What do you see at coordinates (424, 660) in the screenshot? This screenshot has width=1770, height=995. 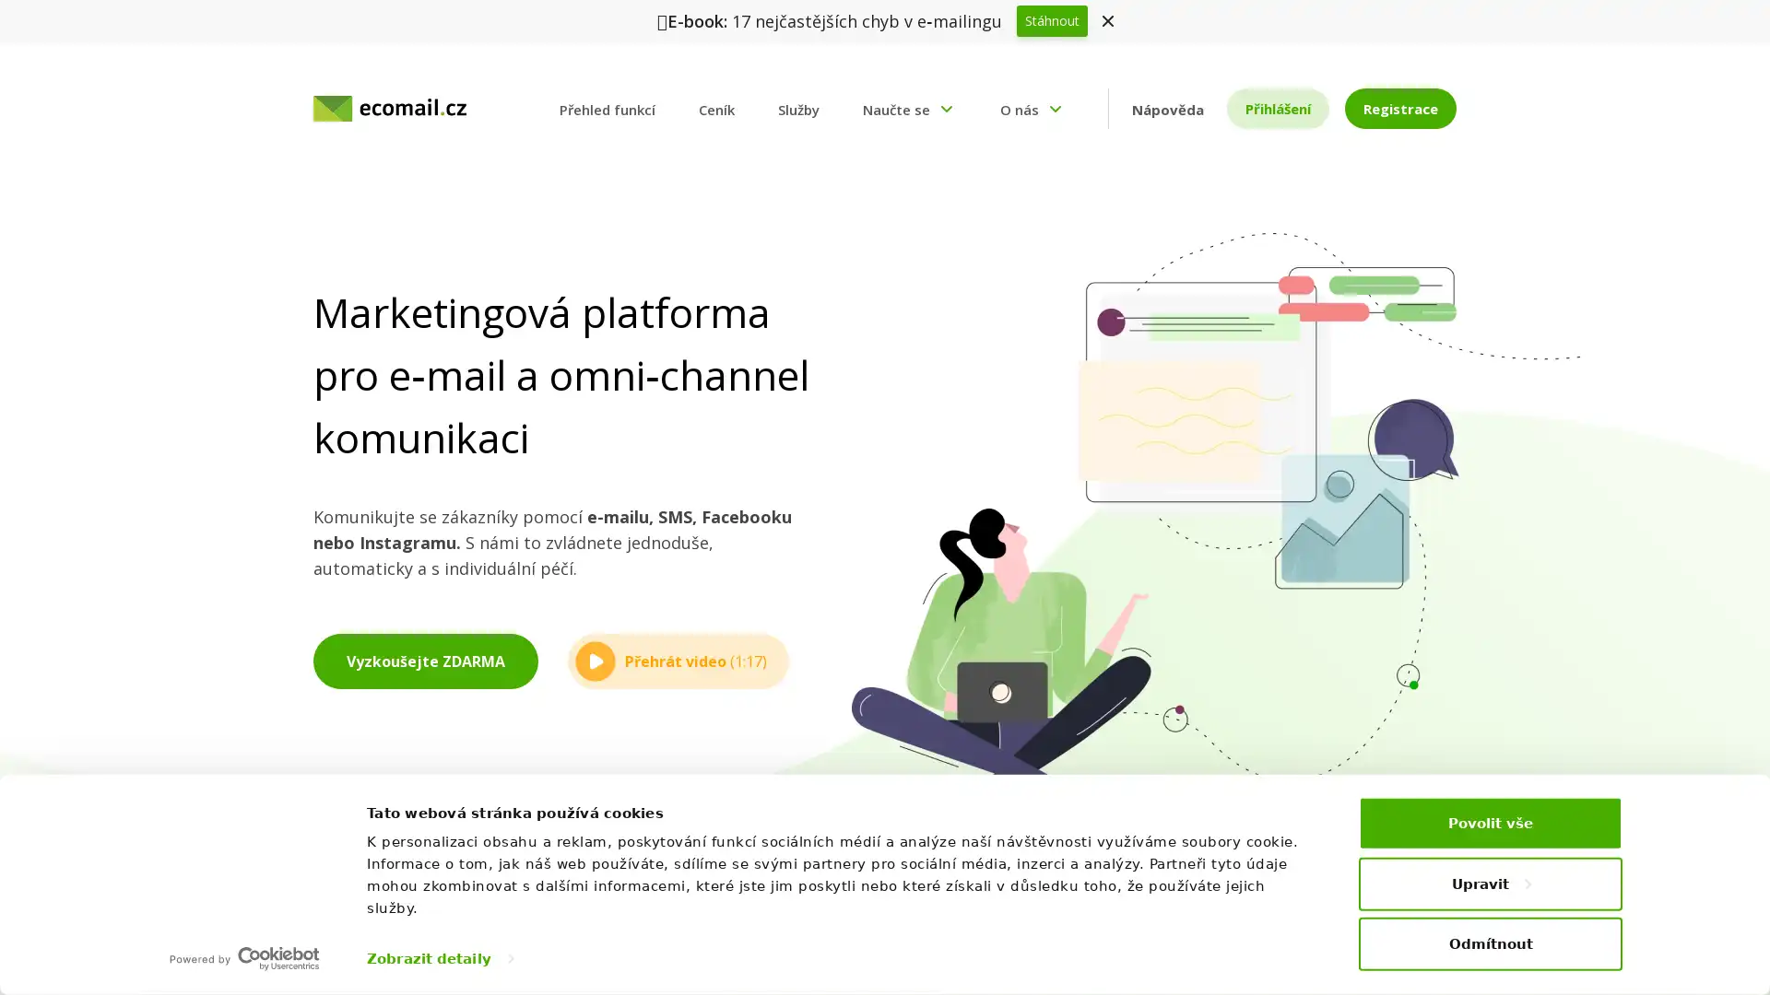 I see `Vyzkousejte ZDARMA` at bounding box center [424, 660].